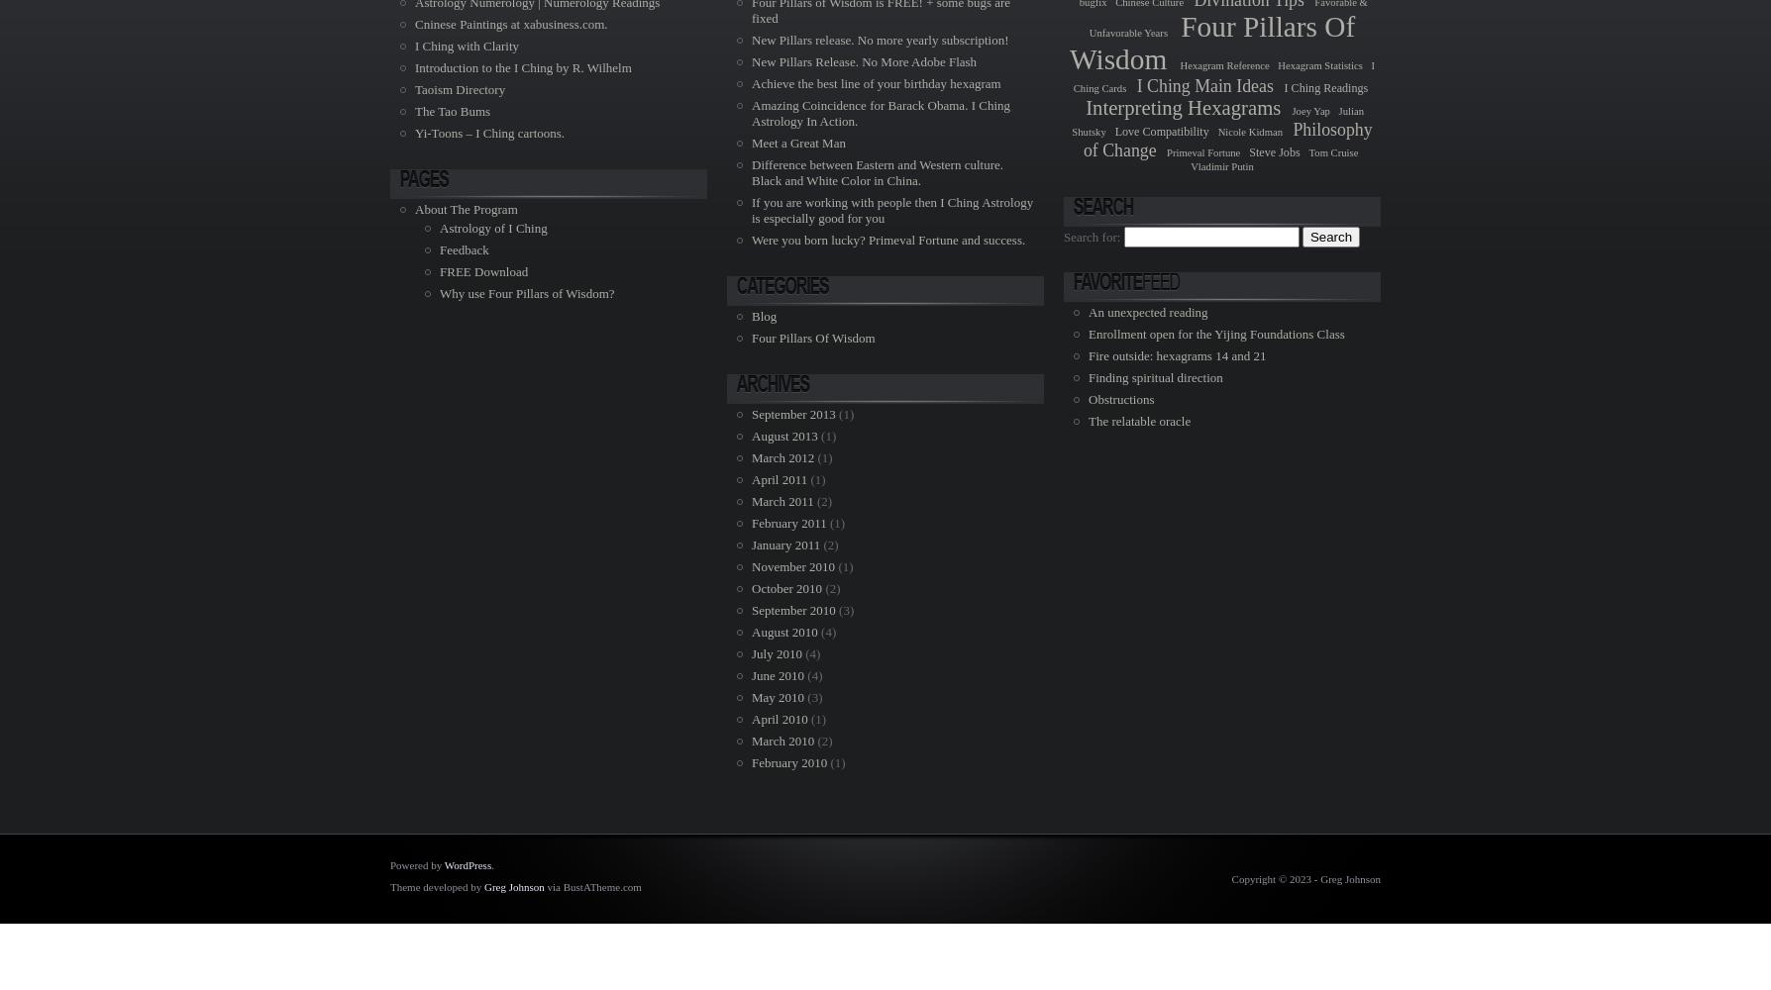  What do you see at coordinates (1221, 76) in the screenshot?
I see `'I Ching Cards'` at bounding box center [1221, 76].